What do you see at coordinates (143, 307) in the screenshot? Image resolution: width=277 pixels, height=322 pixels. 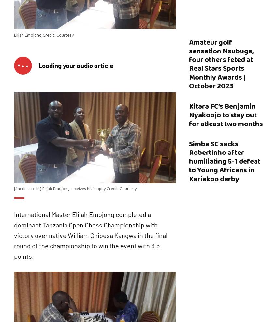 I see `'Search powered by Jetpack'` at bounding box center [143, 307].